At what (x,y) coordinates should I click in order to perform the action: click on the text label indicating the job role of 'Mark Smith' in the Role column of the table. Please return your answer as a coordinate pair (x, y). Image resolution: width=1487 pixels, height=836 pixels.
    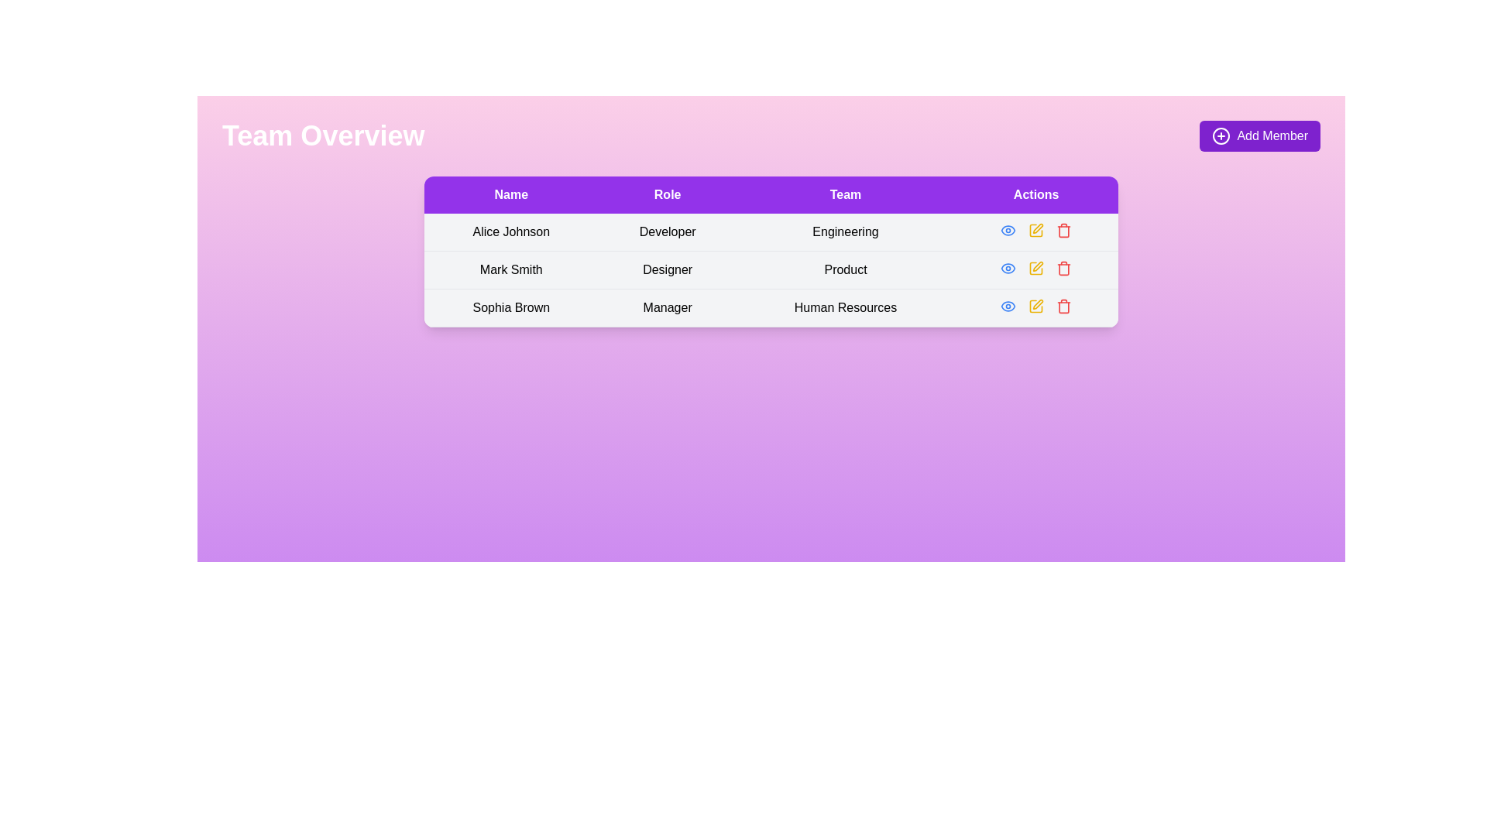
    Looking at the image, I should click on (668, 269).